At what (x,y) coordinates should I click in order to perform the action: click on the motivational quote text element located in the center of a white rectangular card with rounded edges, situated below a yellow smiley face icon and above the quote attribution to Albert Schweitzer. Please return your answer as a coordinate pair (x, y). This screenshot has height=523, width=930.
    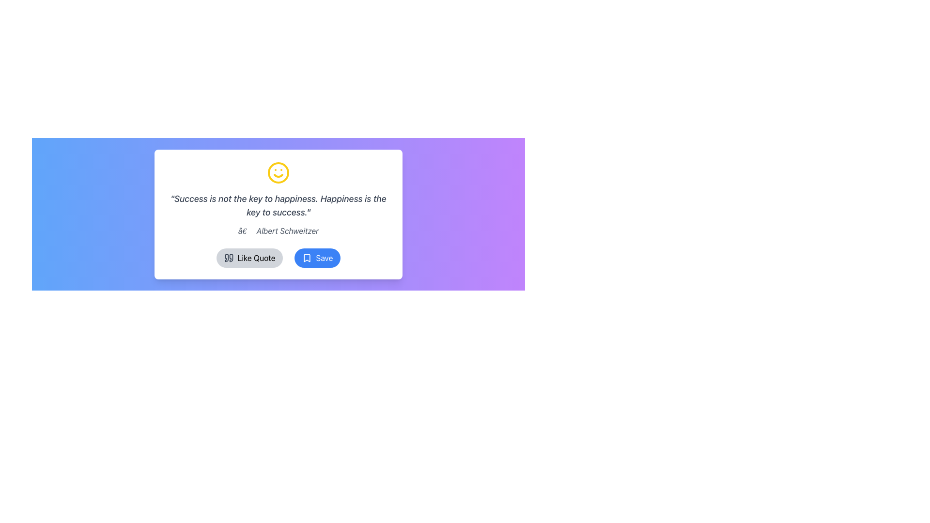
    Looking at the image, I should click on (278, 205).